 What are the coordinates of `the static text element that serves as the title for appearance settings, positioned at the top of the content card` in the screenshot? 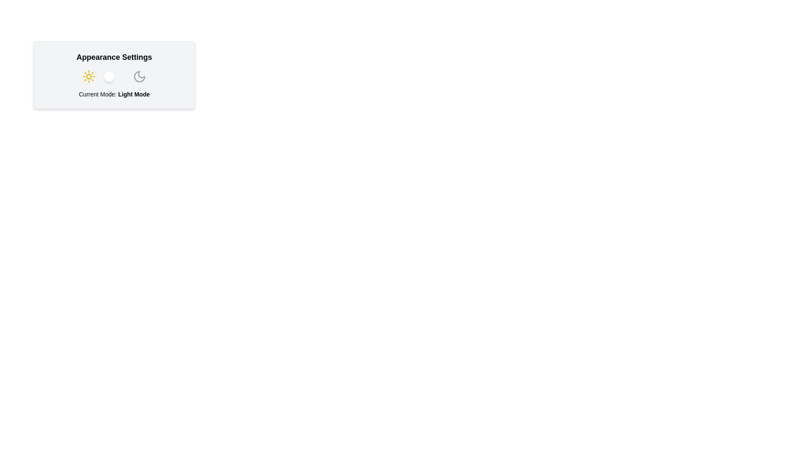 It's located at (113, 57).